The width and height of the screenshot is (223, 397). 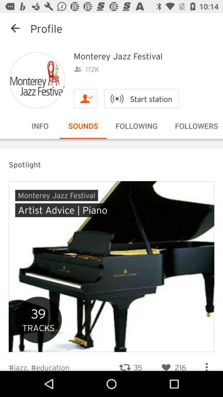 What do you see at coordinates (206, 363) in the screenshot?
I see `more options` at bounding box center [206, 363].